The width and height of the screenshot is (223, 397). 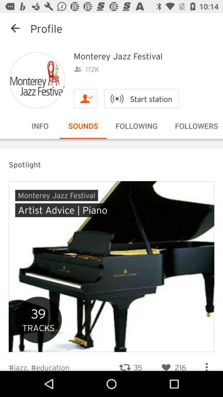 What do you see at coordinates (206, 363) in the screenshot?
I see `more options` at bounding box center [206, 363].